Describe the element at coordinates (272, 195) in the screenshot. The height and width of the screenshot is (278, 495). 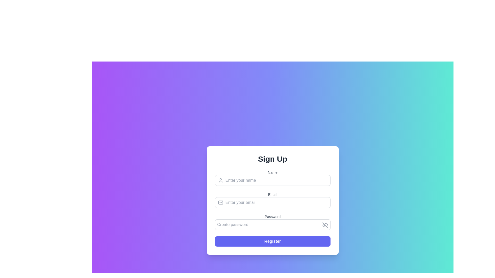
I see `the Text Label that indicates the purpose of the email input field, located above the email input area in the form interface` at that location.